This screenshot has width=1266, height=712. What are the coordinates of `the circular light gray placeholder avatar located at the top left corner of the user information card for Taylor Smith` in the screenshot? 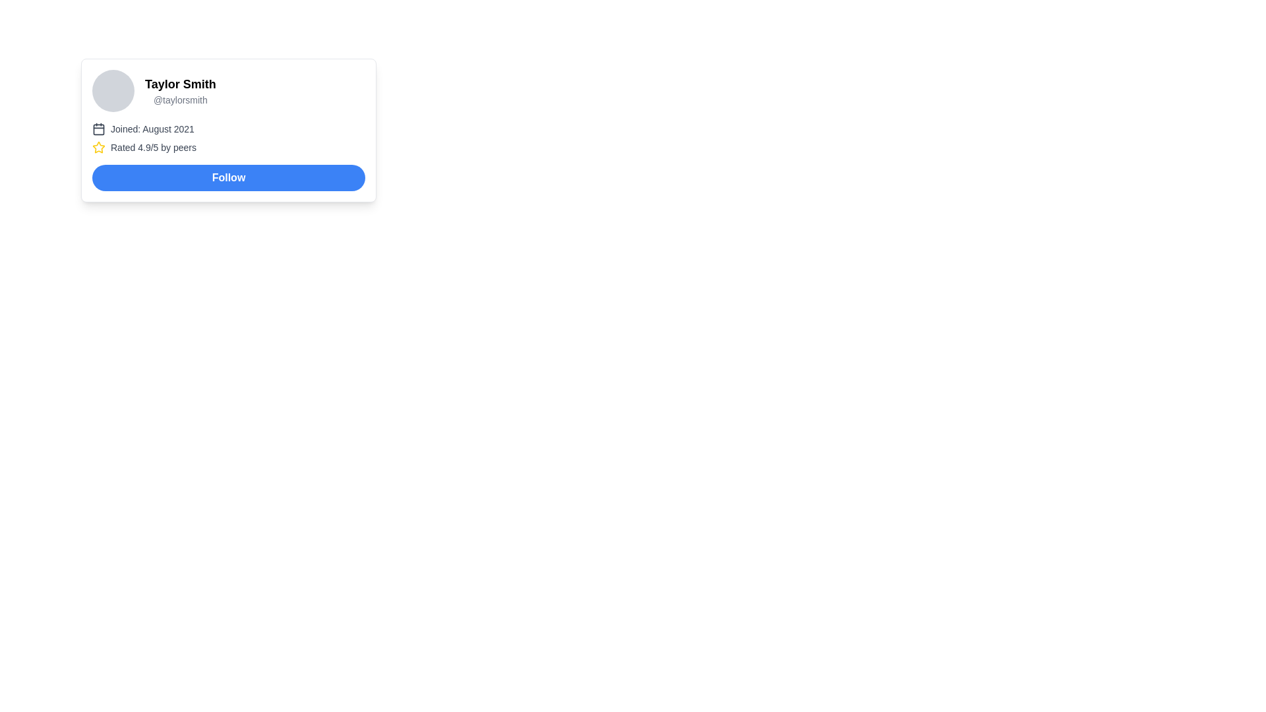 It's located at (113, 90).